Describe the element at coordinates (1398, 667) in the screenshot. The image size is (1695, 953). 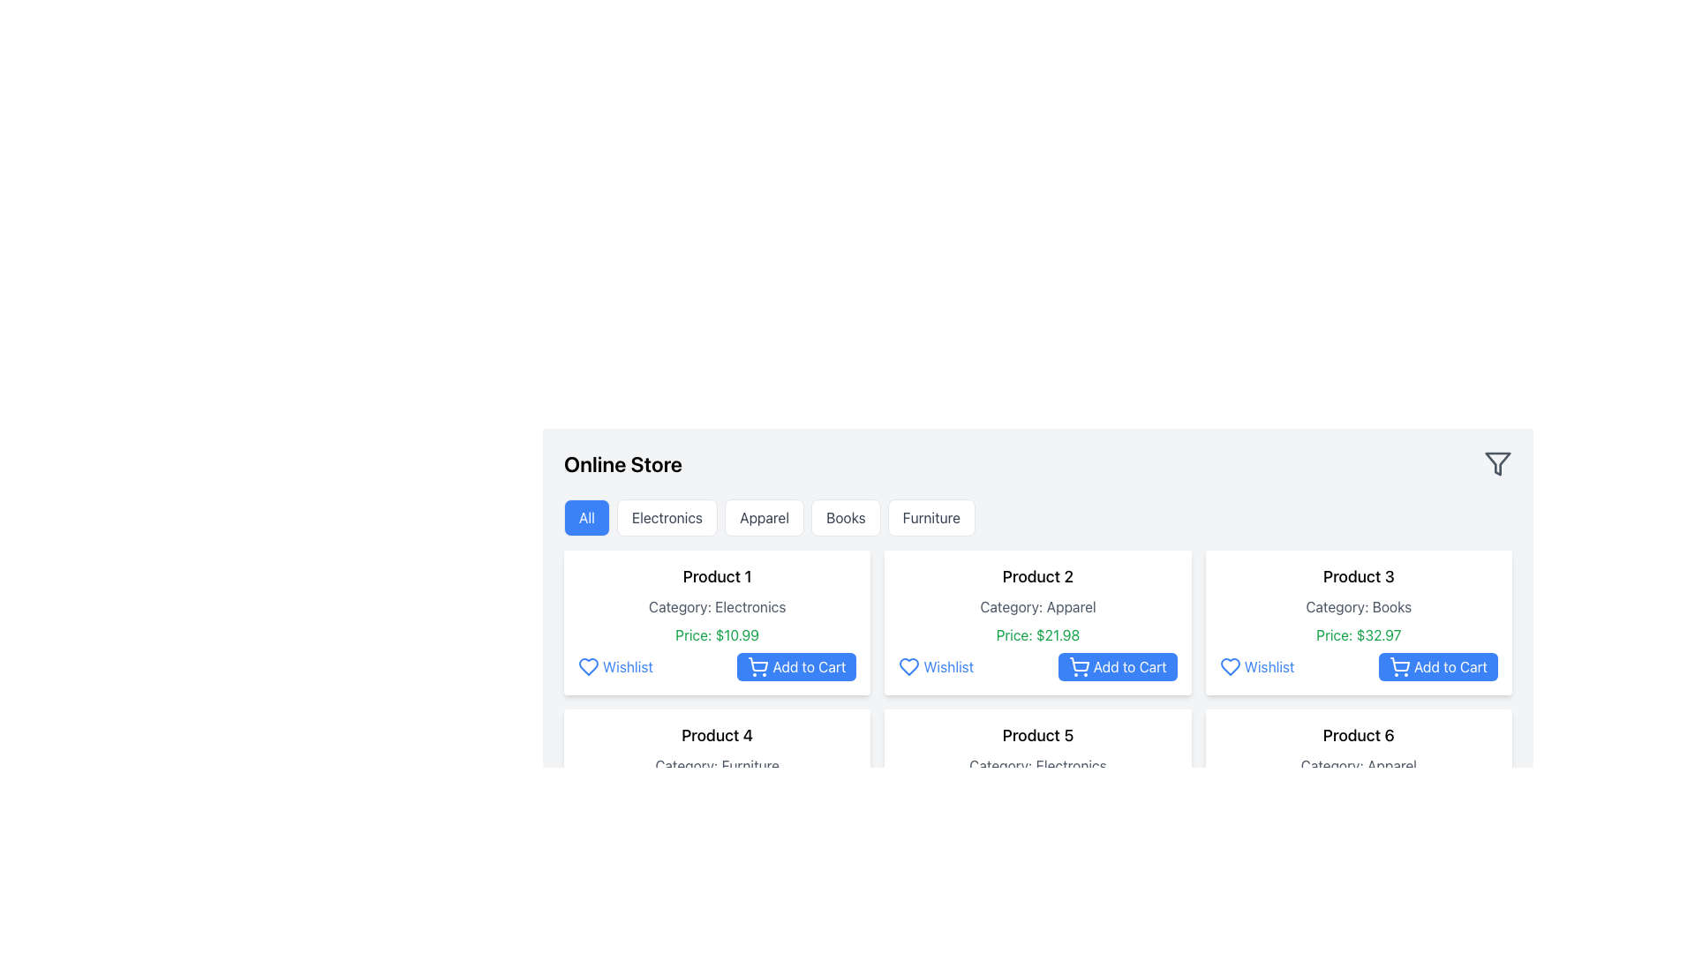
I see `the decorative icon within the 'Add to Cart' button for 'Product 3', which visually indicates its function of adding a product to the cart` at that location.